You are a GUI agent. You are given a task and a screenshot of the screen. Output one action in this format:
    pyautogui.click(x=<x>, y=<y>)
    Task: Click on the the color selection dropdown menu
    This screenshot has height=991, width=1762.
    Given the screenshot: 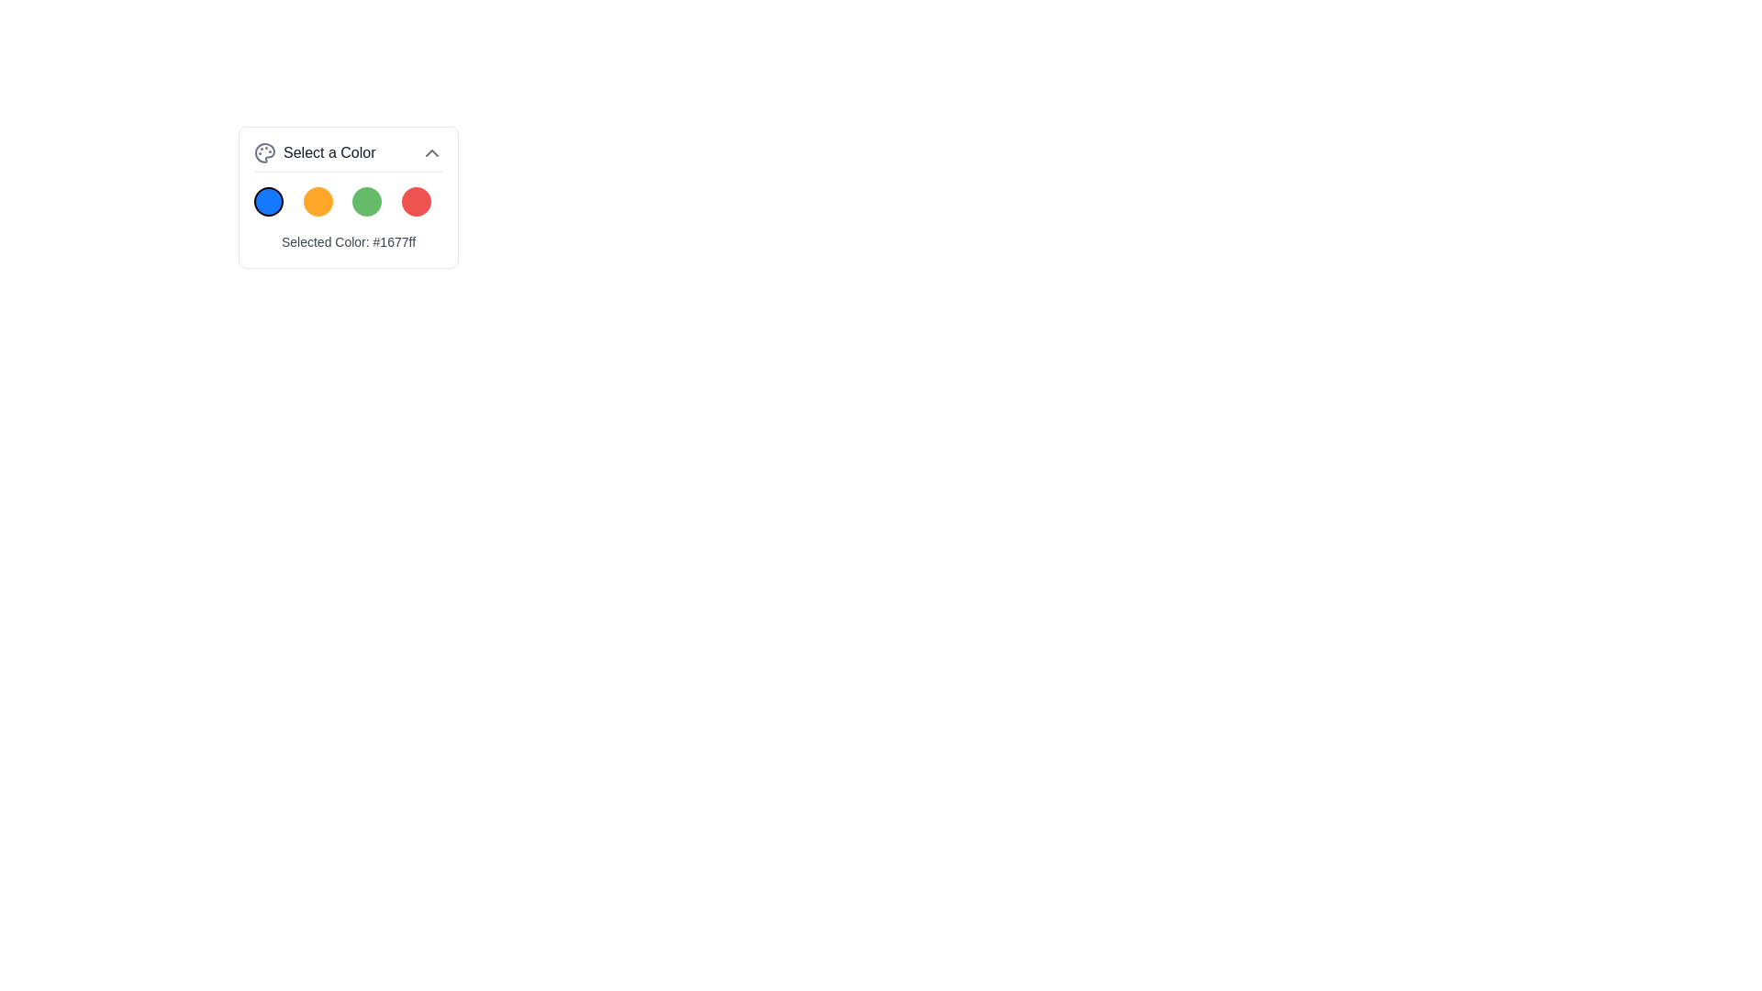 What is the action you would take?
    pyautogui.click(x=348, y=197)
    